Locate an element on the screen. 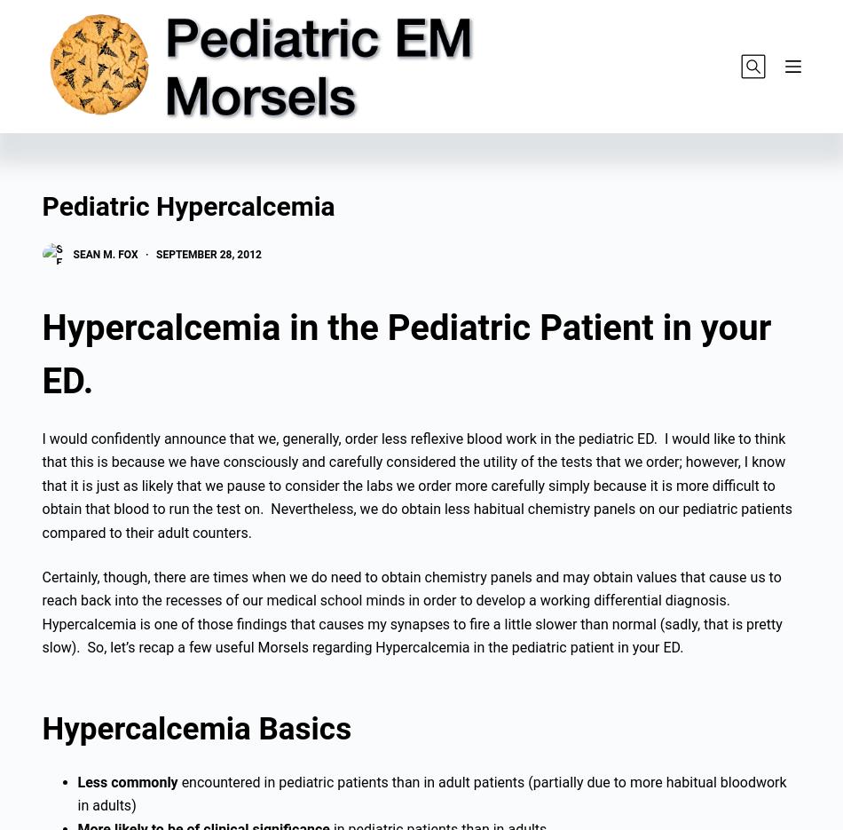 The image size is (843, 830). 'Share this:' is located at coordinates (67, 149).